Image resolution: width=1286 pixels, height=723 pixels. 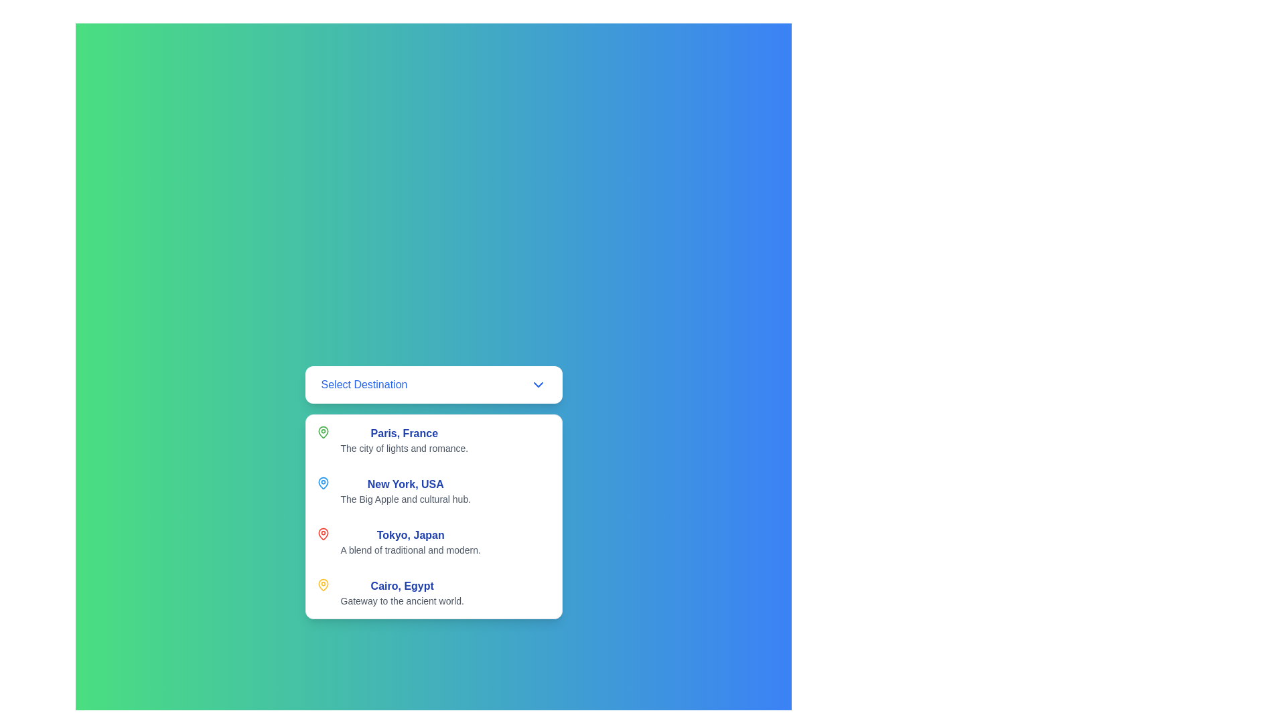 I want to click on the selectable list item for 'New York, USA' in the location selection dropdown, so click(x=433, y=491).